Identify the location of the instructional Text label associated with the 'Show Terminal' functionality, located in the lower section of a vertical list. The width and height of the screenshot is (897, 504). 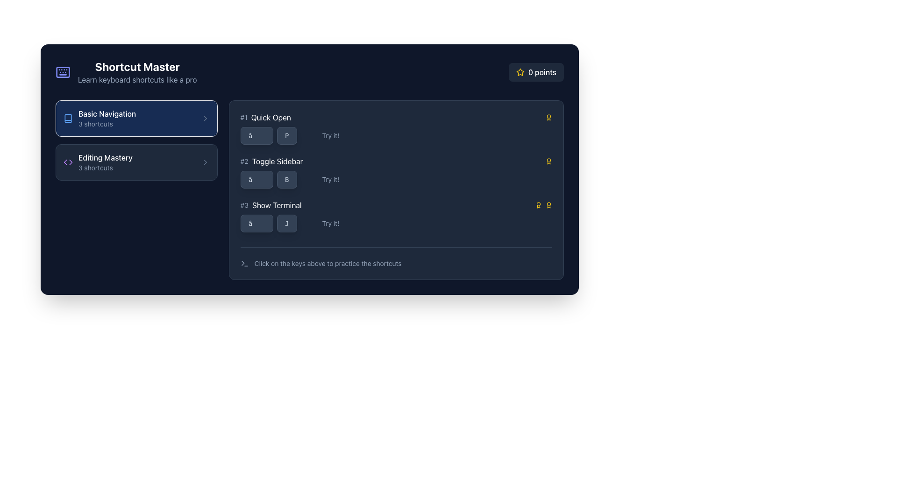
(330, 223).